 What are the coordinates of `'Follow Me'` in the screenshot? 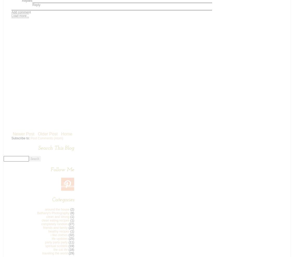 It's located at (62, 169).